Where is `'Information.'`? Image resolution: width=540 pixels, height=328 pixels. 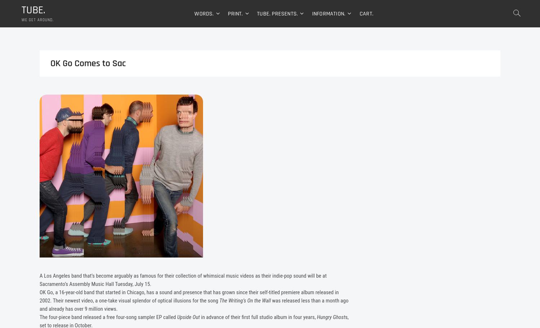
'Information.' is located at coordinates (328, 14).